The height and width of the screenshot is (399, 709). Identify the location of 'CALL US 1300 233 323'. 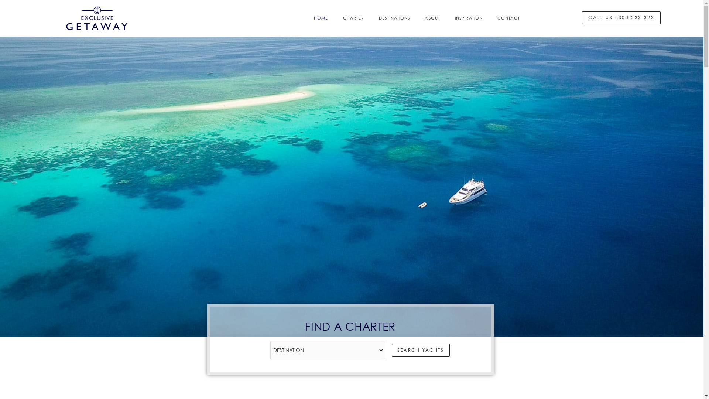
(621, 30).